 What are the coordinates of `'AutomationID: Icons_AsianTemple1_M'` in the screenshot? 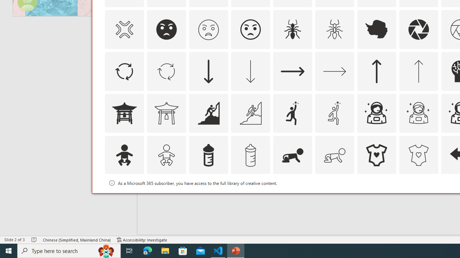 It's located at (166, 113).